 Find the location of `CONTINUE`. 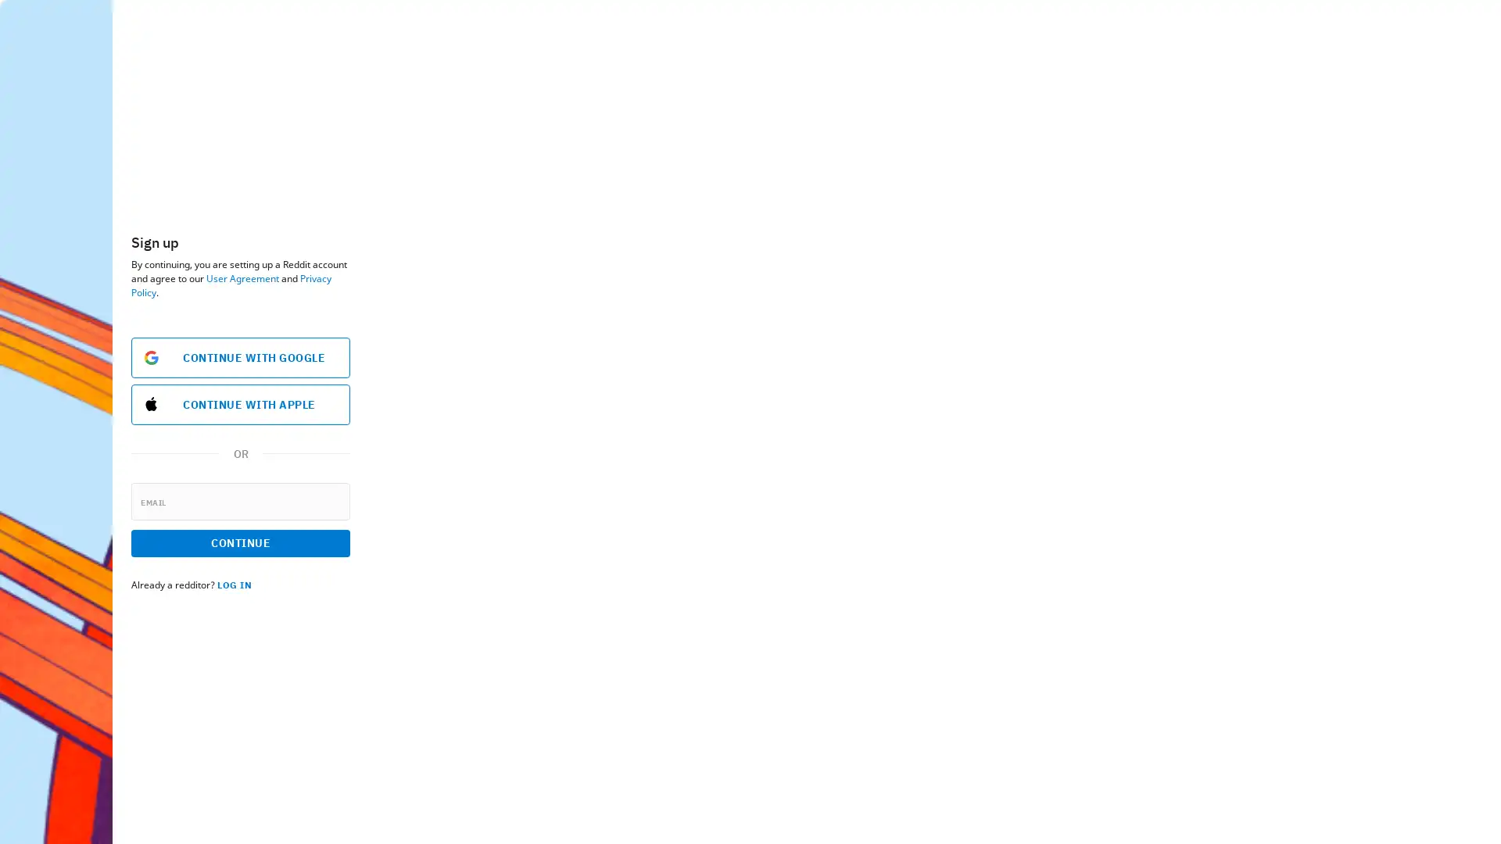

CONTINUE is located at coordinates (239, 542).